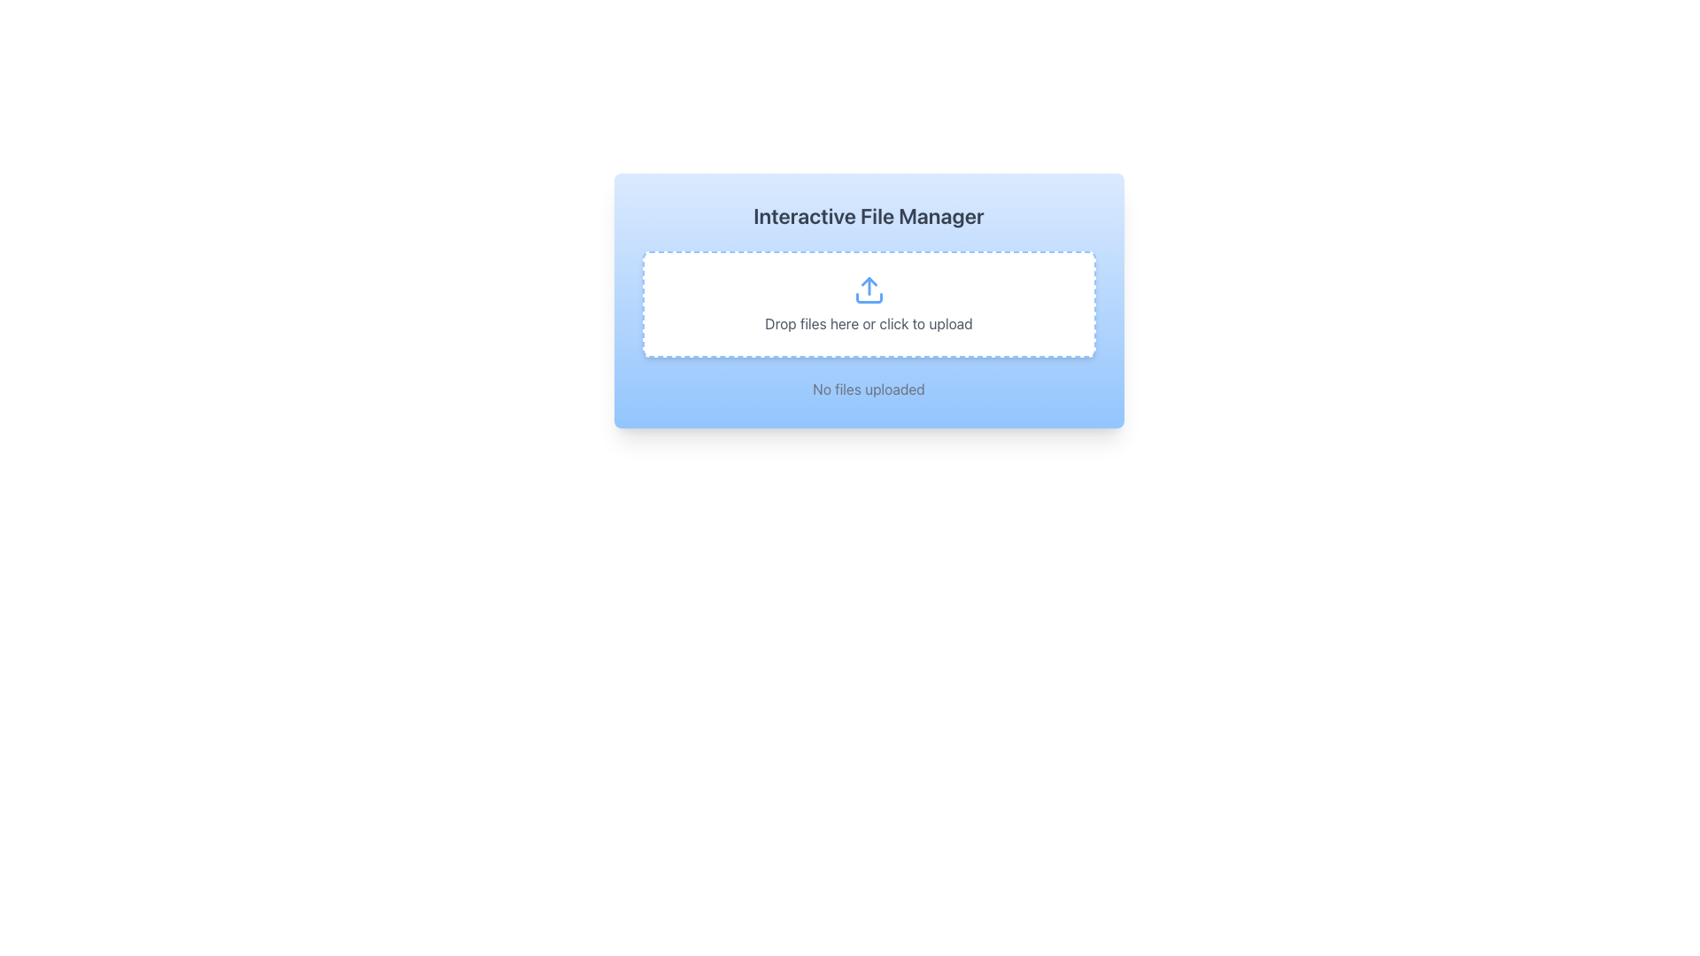 The height and width of the screenshot is (956, 1700). Describe the element at coordinates (869, 303) in the screenshot. I see `files into the File upload area, which is a horizontally-centered rectangular area with a dashed border in light blue, containing an upload icon above the text 'Drop files here or click` at that location.